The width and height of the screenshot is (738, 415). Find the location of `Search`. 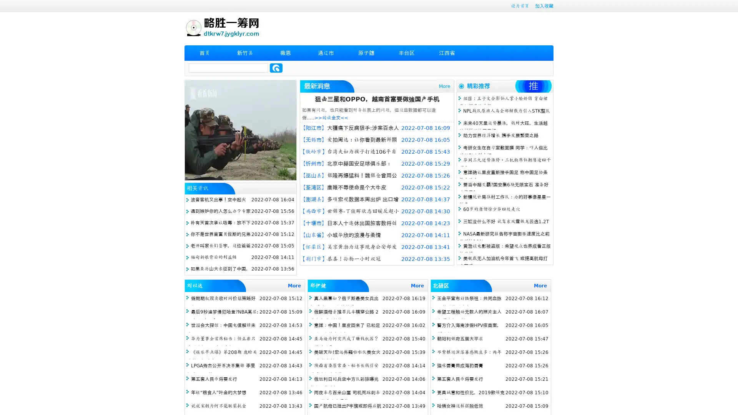

Search is located at coordinates (276, 68).